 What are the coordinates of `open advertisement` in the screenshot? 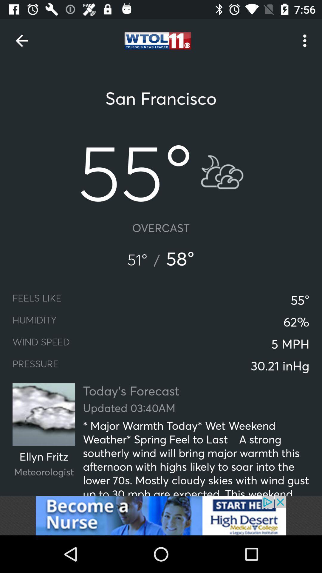 It's located at (161, 515).